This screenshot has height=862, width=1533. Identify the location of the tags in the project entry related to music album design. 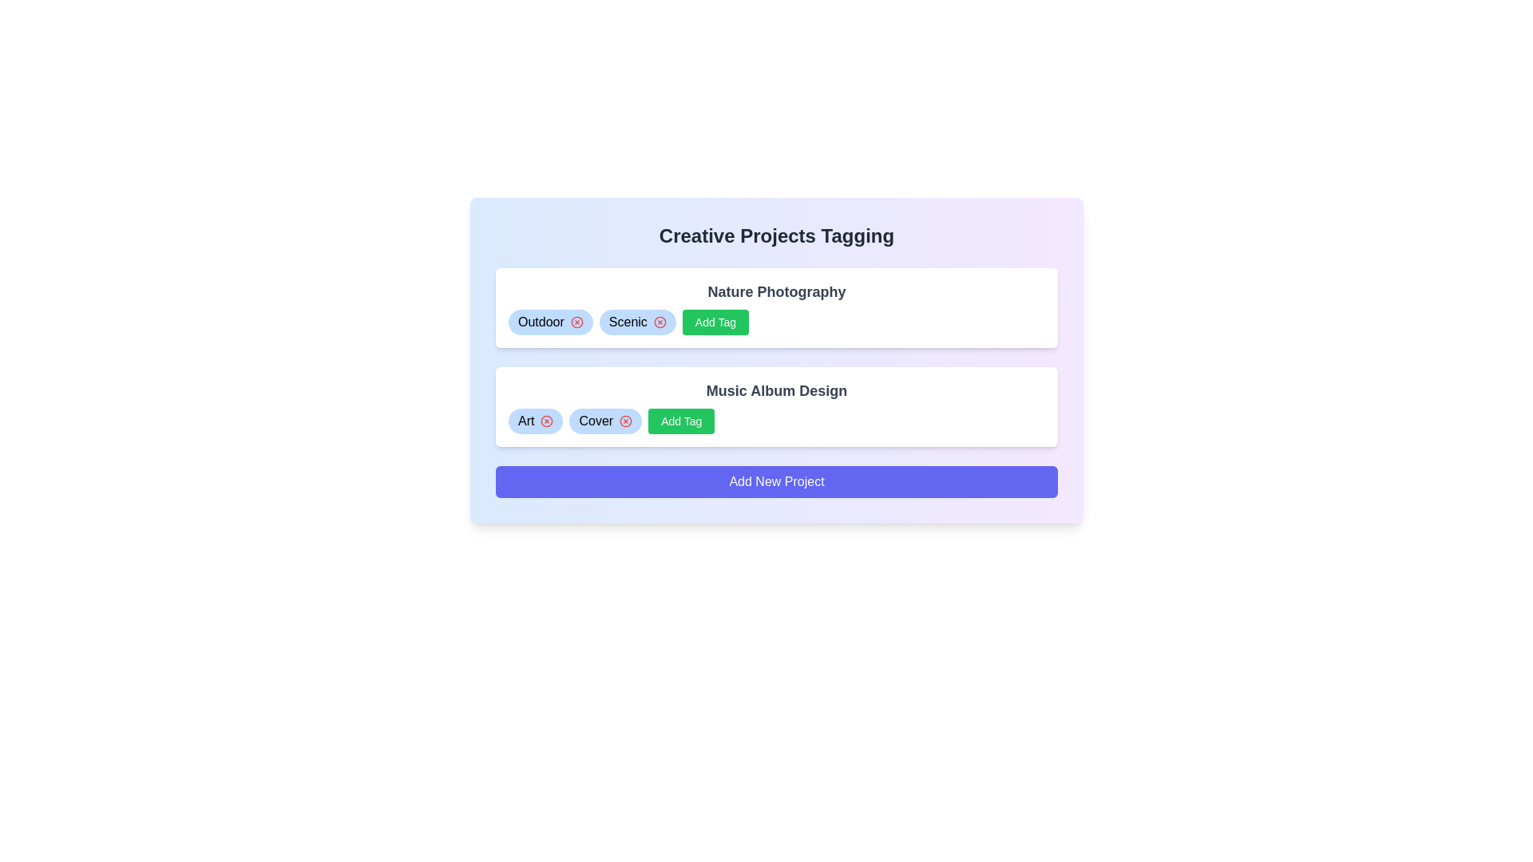
(777, 405).